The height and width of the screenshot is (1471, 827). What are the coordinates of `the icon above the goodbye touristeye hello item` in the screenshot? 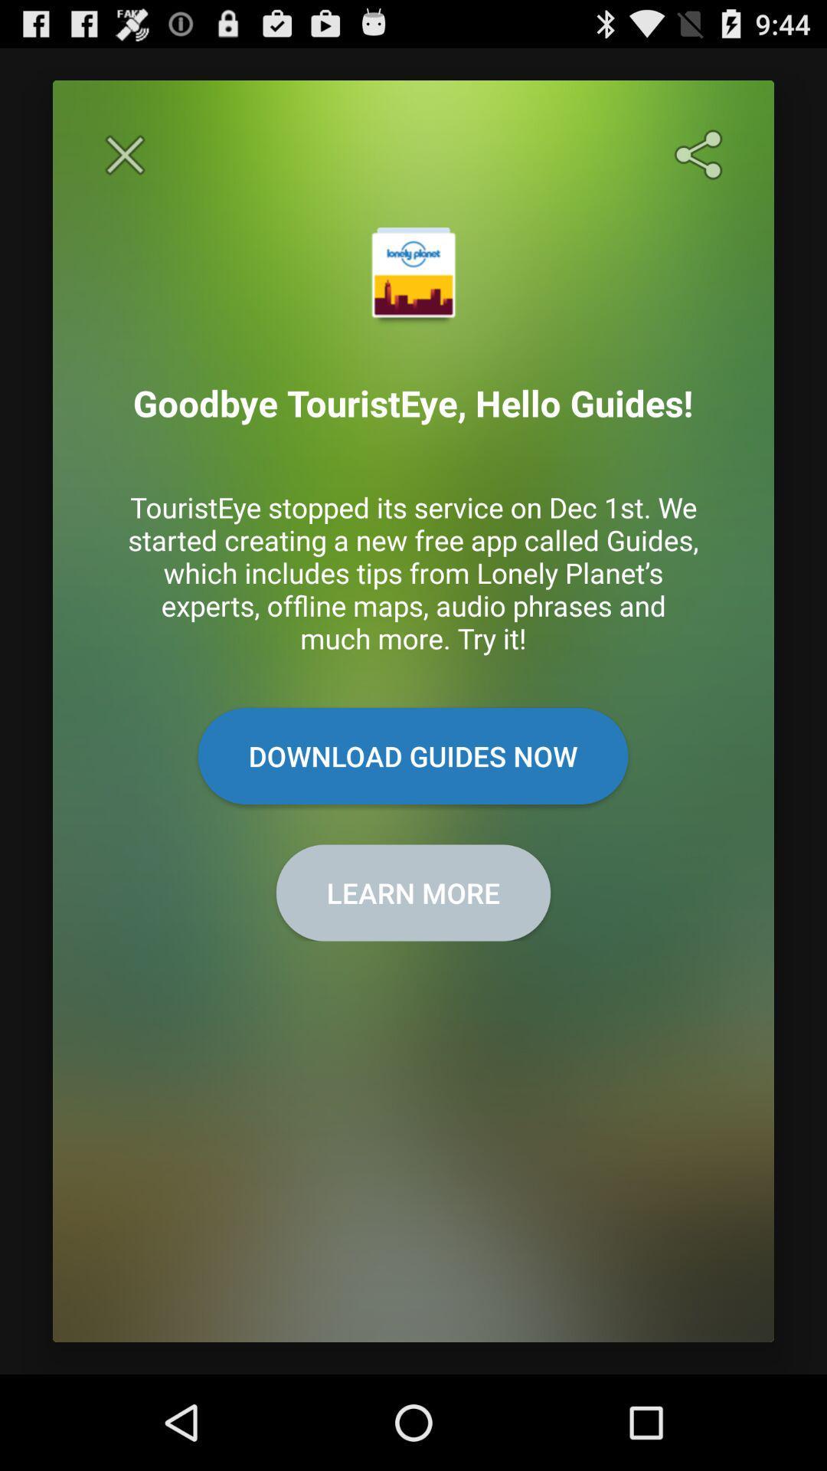 It's located at (124, 155).